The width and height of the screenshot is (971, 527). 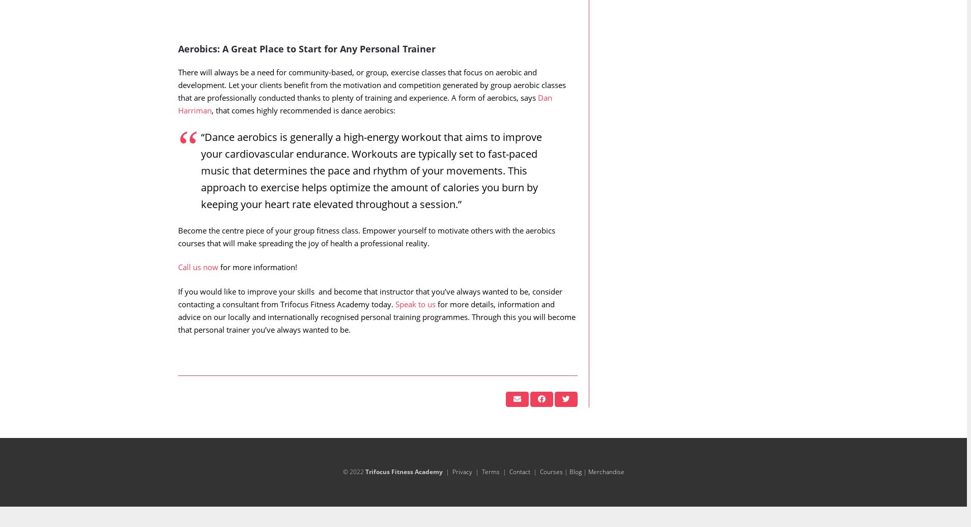 I want to click on 'Contact', so click(x=519, y=492).